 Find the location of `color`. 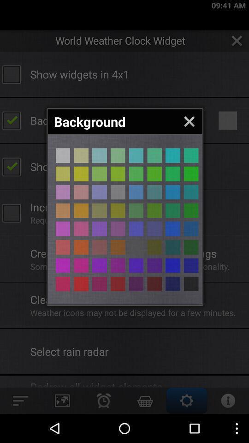

color is located at coordinates (81, 246).